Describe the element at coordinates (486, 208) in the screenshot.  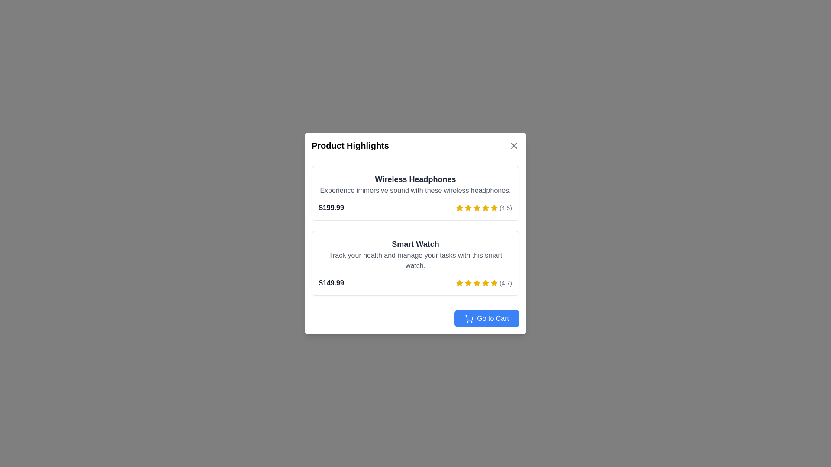
I see `the fourth yellow star-shaped icon in the 'Wireless Headphones' section of the 'Product Highlights' list` at that location.